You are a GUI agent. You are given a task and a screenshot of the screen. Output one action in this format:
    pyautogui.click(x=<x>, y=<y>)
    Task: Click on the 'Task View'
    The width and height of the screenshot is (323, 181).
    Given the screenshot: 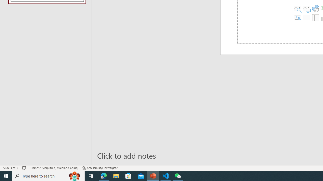 What is the action you would take?
    pyautogui.click(x=91, y=175)
    